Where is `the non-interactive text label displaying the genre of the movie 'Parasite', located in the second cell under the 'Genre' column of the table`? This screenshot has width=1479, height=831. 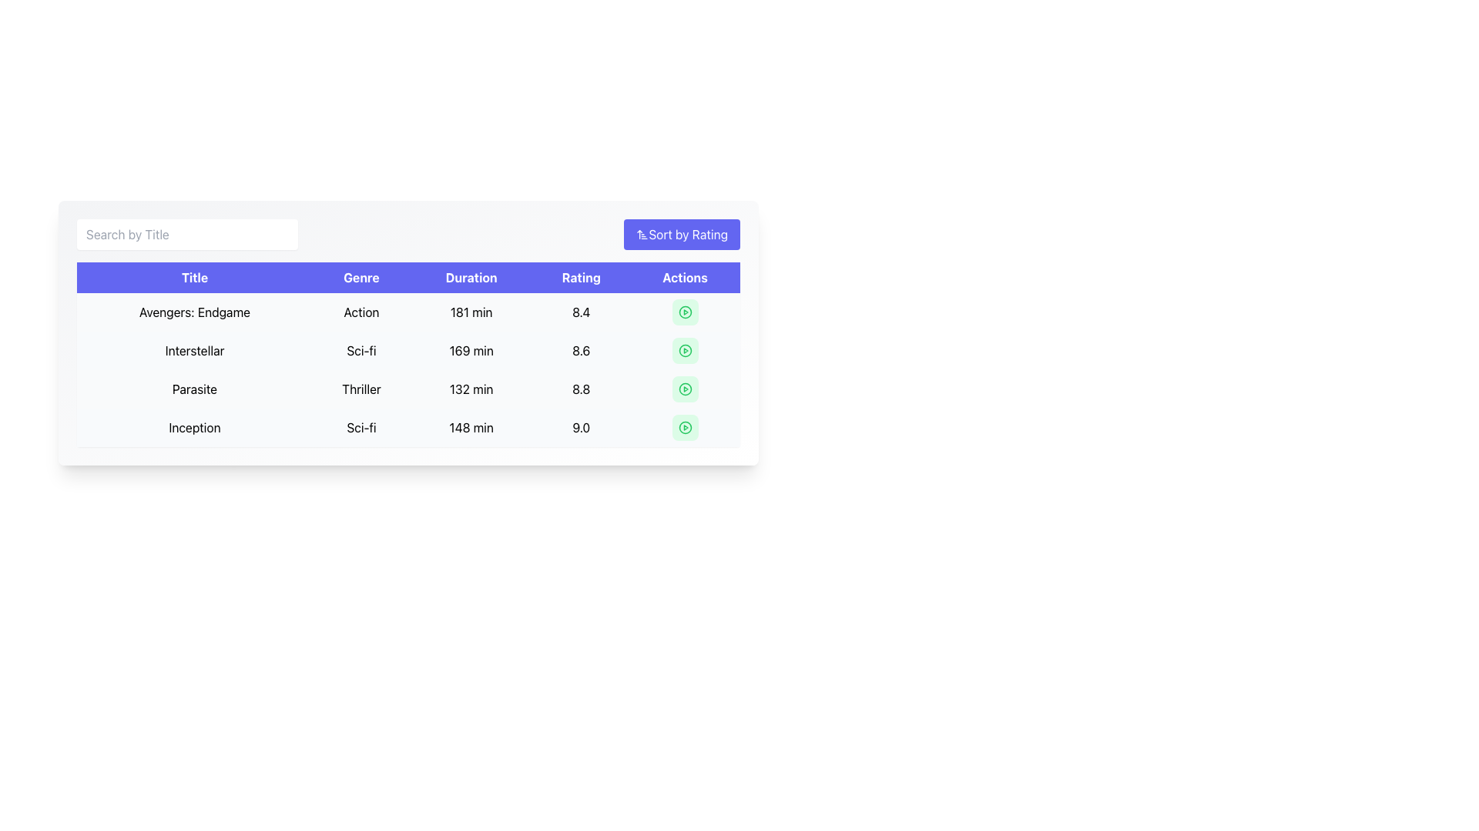 the non-interactive text label displaying the genre of the movie 'Parasite', located in the second cell under the 'Genre' column of the table is located at coordinates (361, 388).